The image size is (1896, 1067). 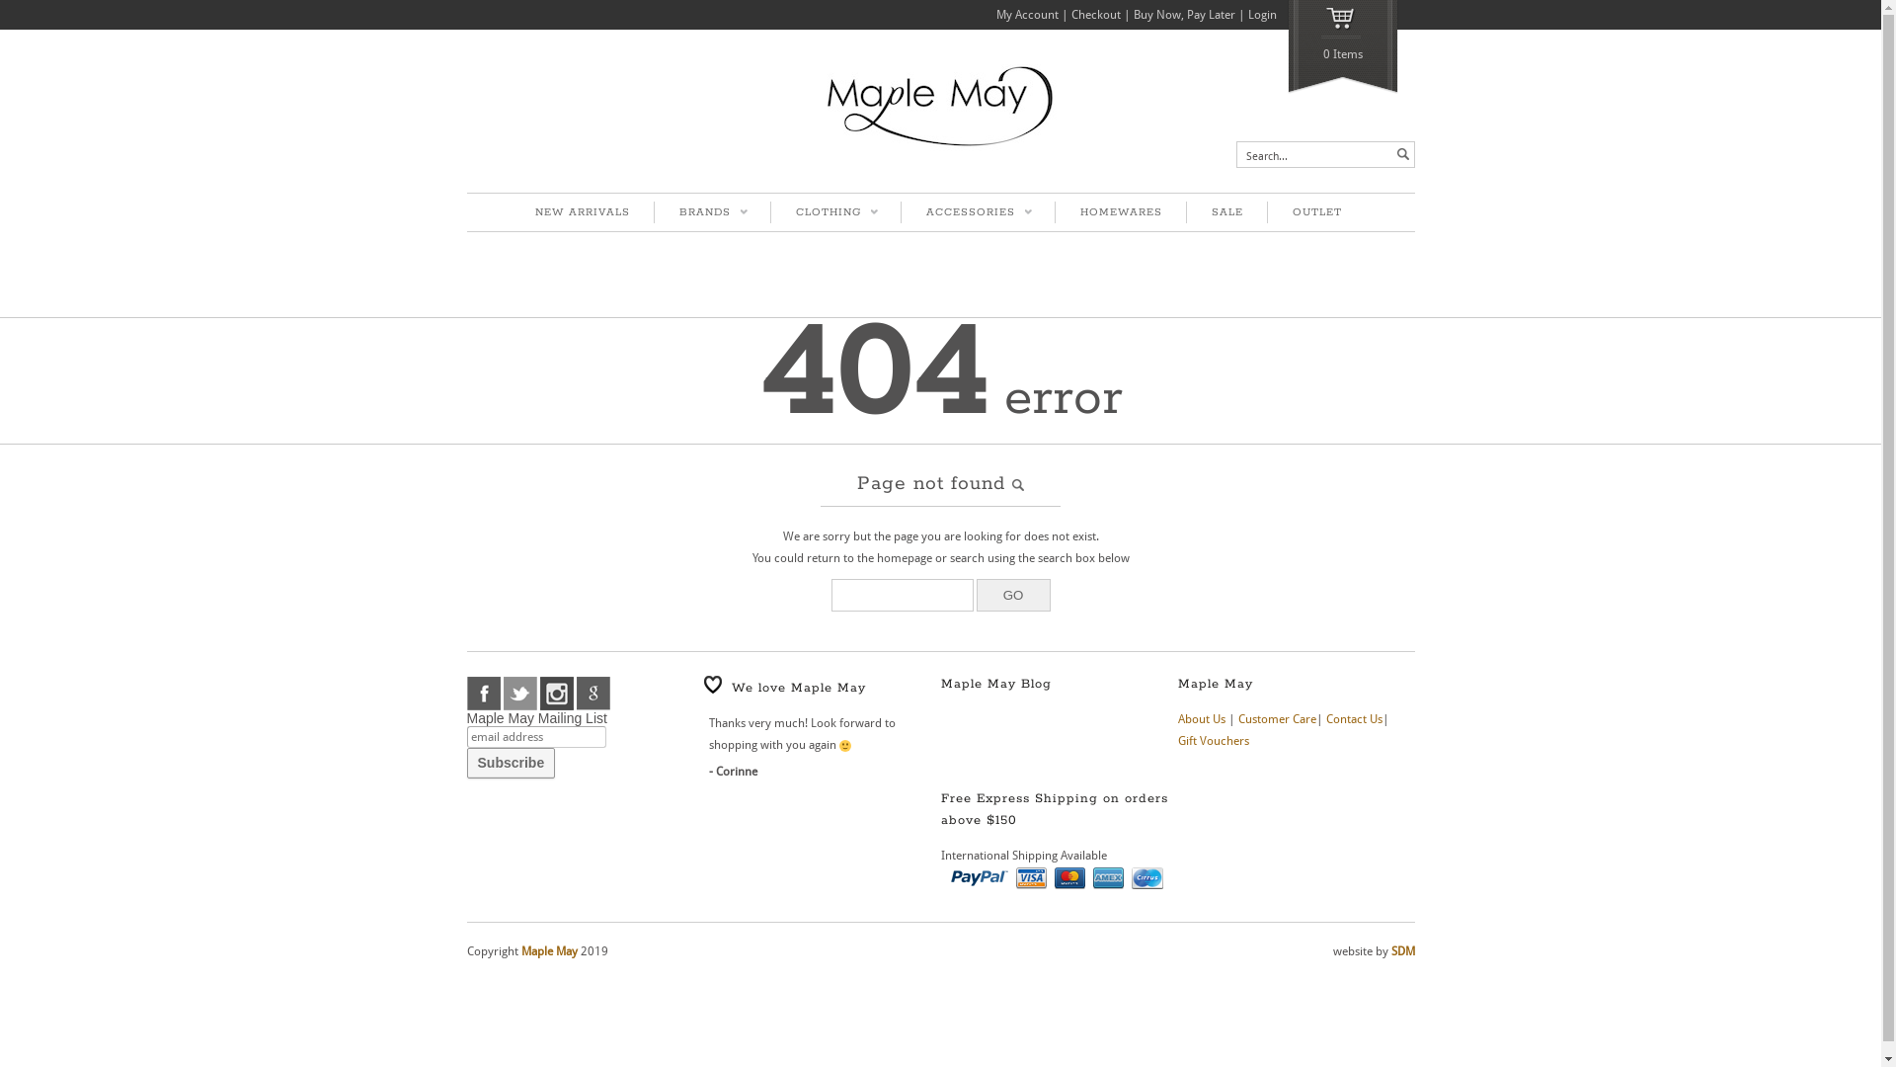 What do you see at coordinates (511, 762) in the screenshot?
I see `'Subscribe'` at bounding box center [511, 762].